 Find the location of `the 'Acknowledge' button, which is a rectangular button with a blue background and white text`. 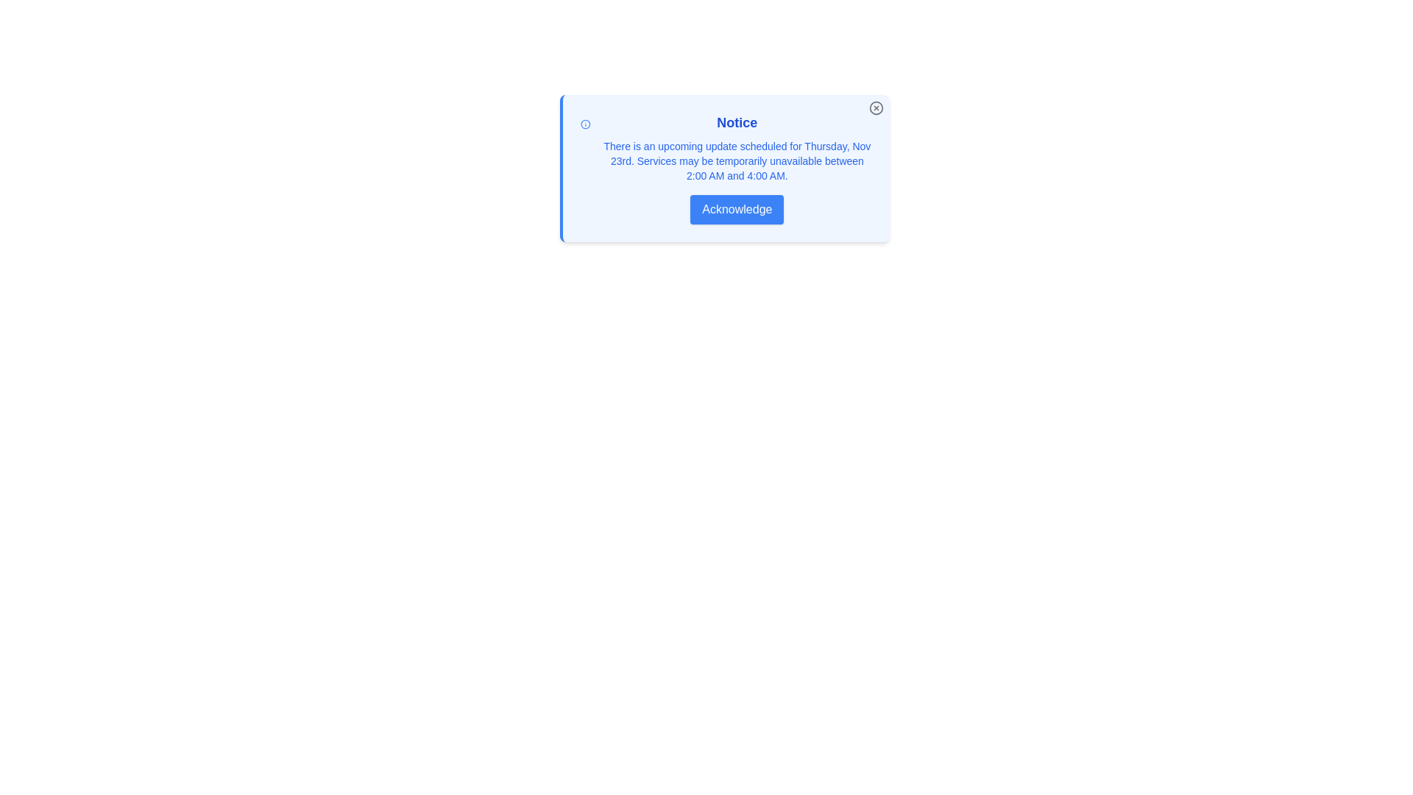

the 'Acknowledge' button, which is a rectangular button with a blue background and white text is located at coordinates (737, 210).